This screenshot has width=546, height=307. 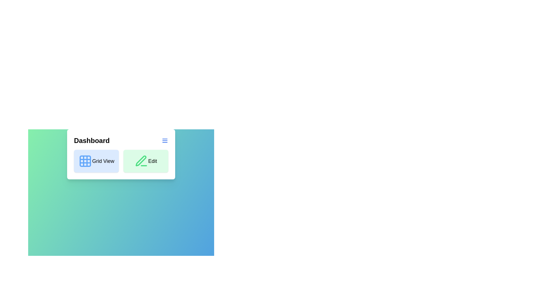 What do you see at coordinates (146, 161) in the screenshot?
I see `the interactive element Edit to observe its visual feedback` at bounding box center [146, 161].